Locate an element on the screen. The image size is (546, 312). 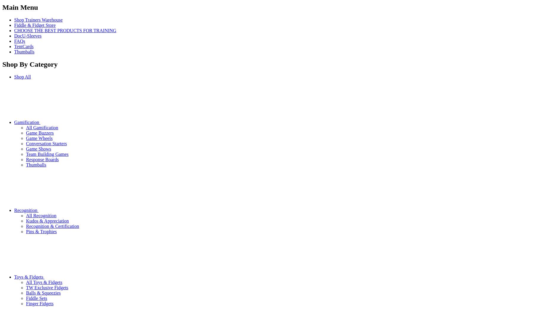
'Fiddle Sets' is located at coordinates (36, 298).